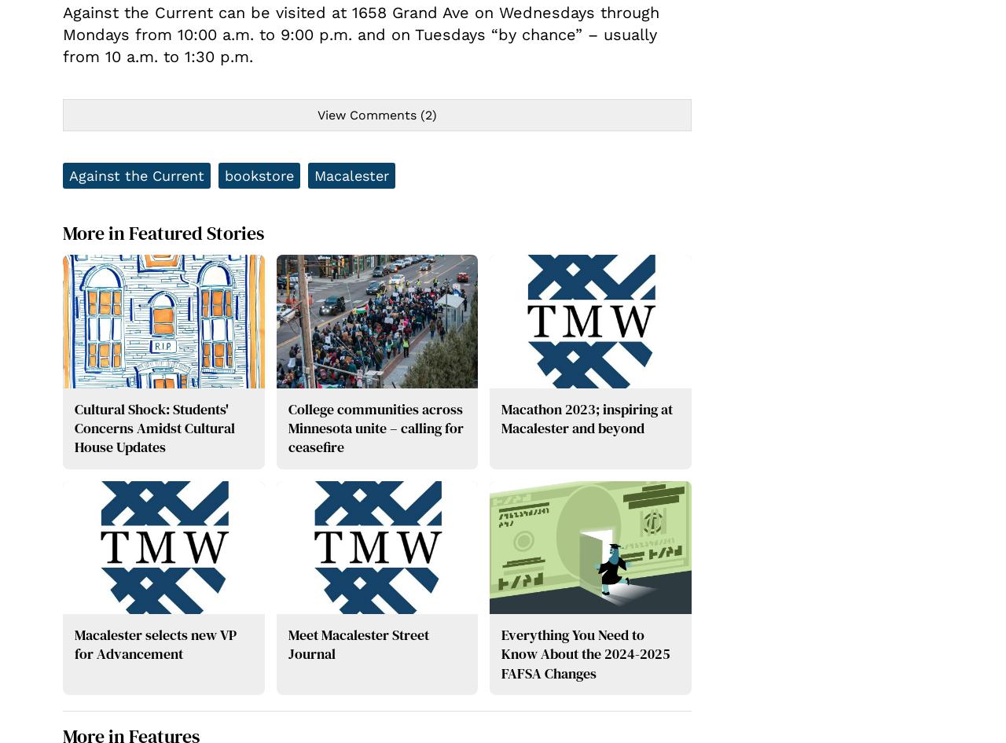 Image resolution: width=1006 pixels, height=743 pixels. I want to click on 'Everything You Need to Know About the 2024-2025 FAFSA Changes', so click(585, 653).